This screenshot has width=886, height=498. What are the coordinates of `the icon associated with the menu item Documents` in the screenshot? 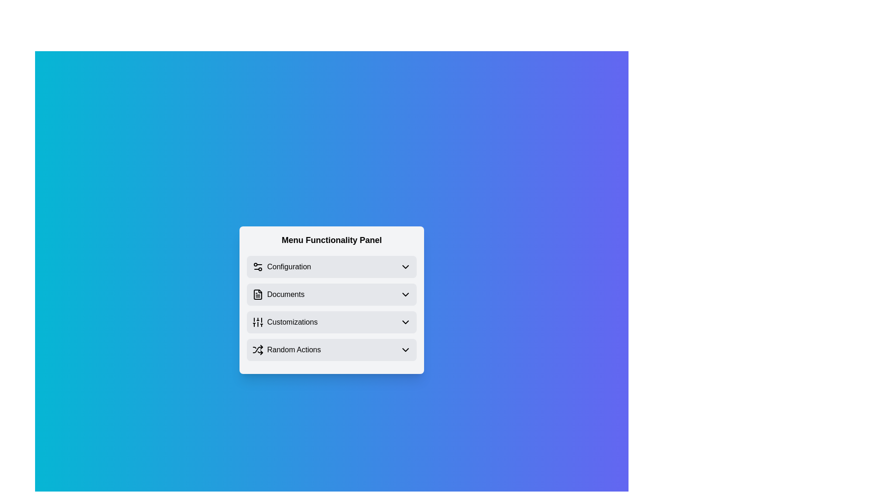 It's located at (257, 295).